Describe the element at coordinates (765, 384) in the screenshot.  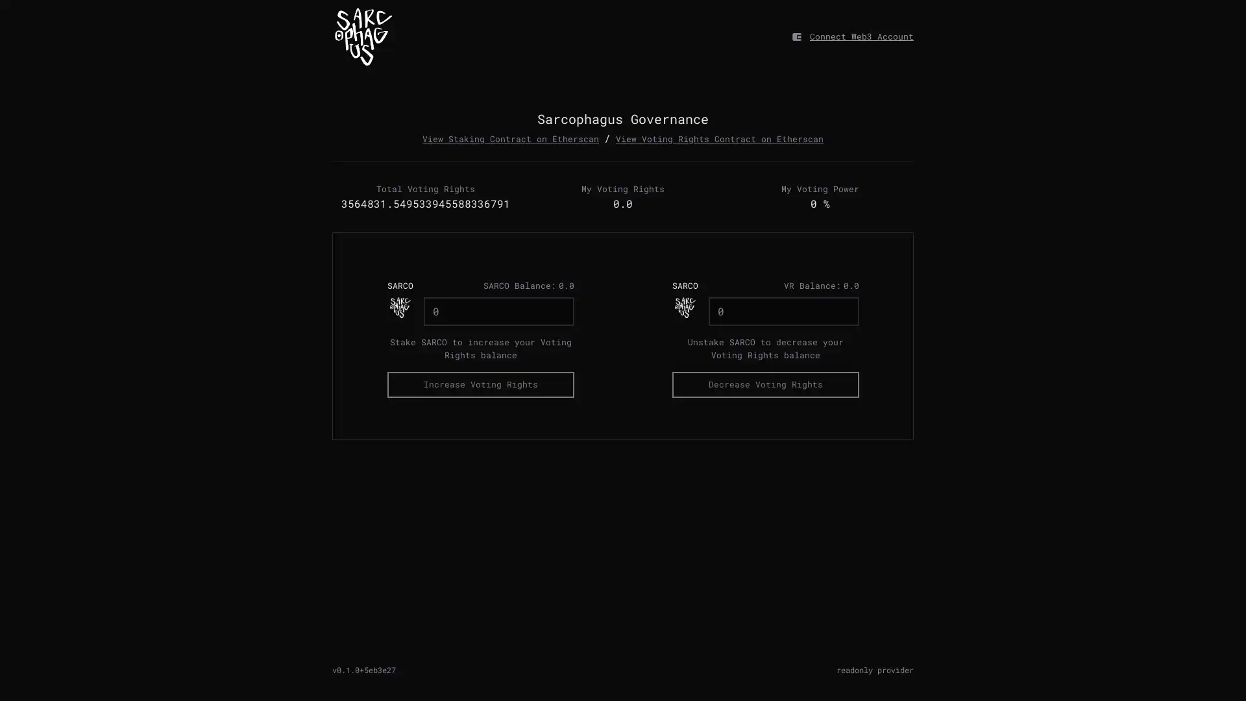
I see `Decrease Voting Rights` at that location.